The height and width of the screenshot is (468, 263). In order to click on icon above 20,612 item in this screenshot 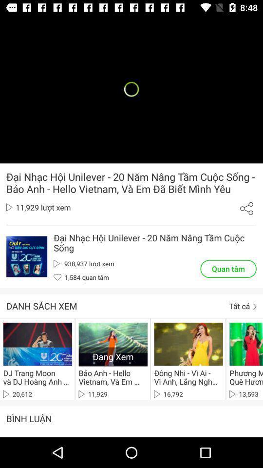, I will do `click(36, 377)`.